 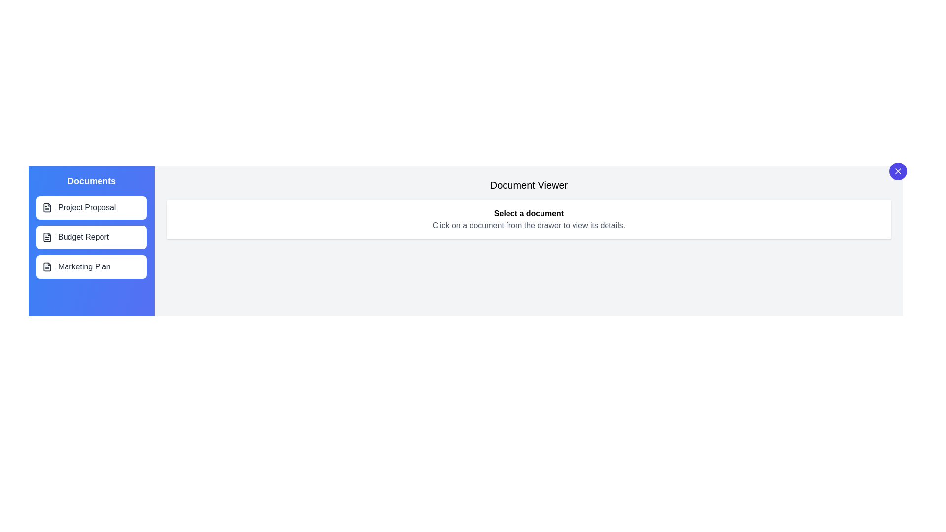 What do you see at coordinates (92, 267) in the screenshot?
I see `the document title Marketing Plan to highlight it` at bounding box center [92, 267].